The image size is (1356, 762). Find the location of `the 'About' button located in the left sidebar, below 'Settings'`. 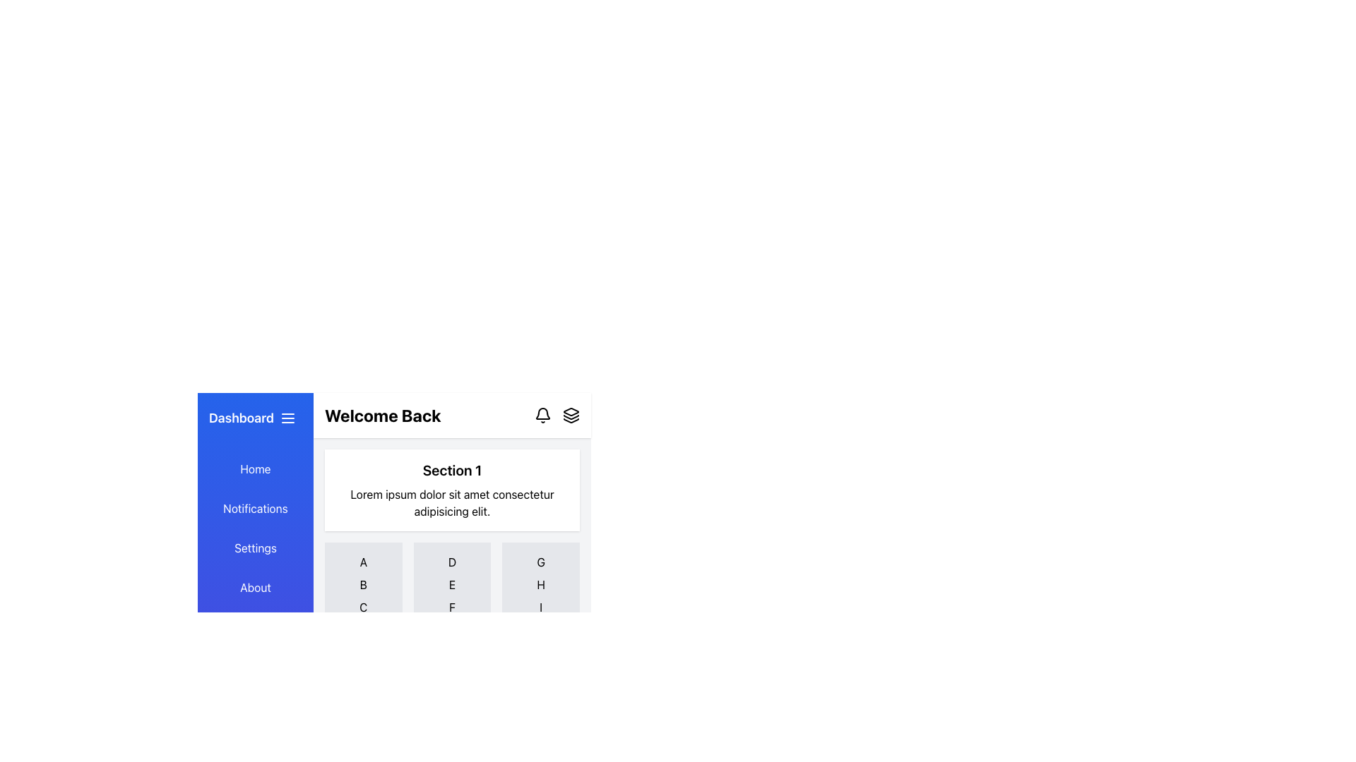

the 'About' button located in the left sidebar, below 'Settings' is located at coordinates (255, 588).